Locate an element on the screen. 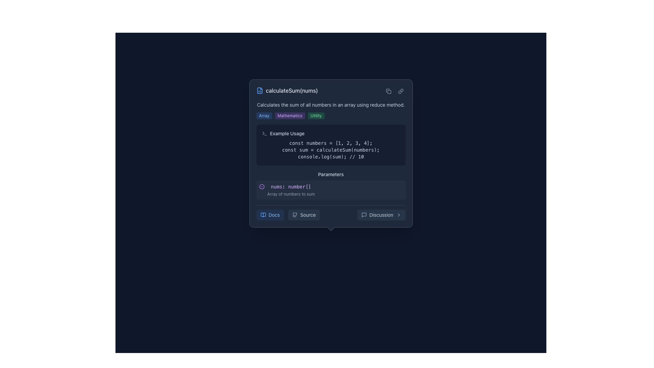 The width and height of the screenshot is (654, 368). the decorative graphic element located at the bottom center of the modal window, which serves as a visual indicator is located at coordinates (331, 227).